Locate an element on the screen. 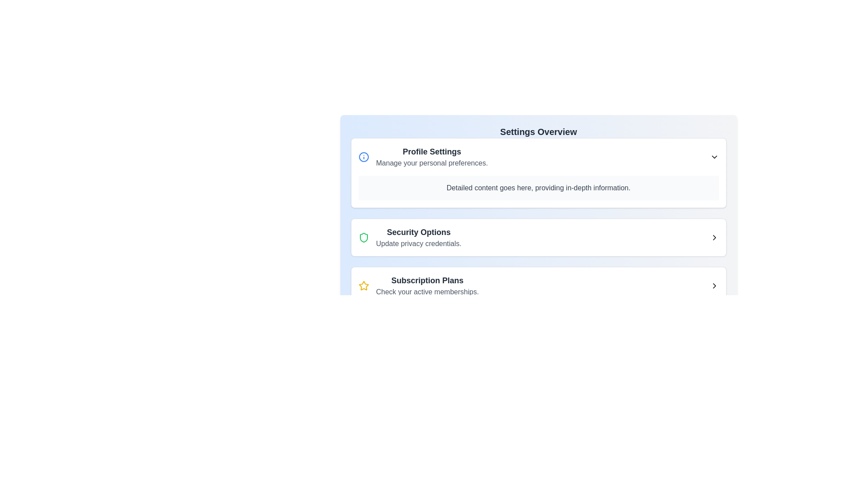  the right-pointing chevron icon within the 'Security Options' section, which serves as a visual aid for navigation is located at coordinates (714, 237).